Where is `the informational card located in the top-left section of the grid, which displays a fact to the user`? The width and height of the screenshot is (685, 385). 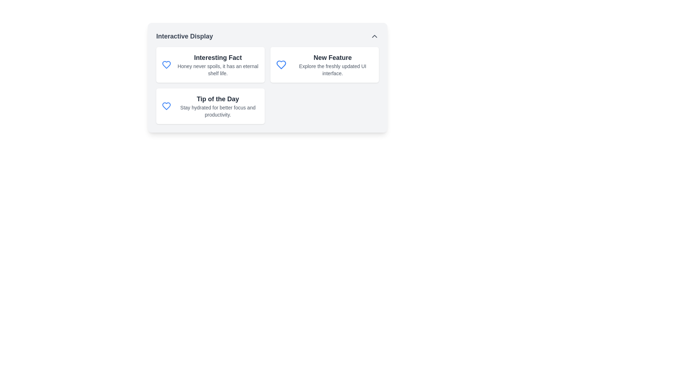 the informational card located in the top-left section of the grid, which displays a fact to the user is located at coordinates (210, 65).